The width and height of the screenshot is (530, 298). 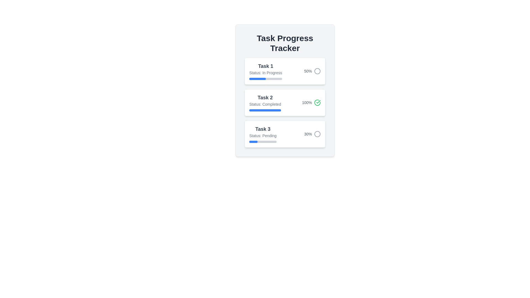 I want to click on the progress bar indicating the completion percentage of 'Task 2', located directly below the text 'Status: Completed', so click(x=265, y=110).